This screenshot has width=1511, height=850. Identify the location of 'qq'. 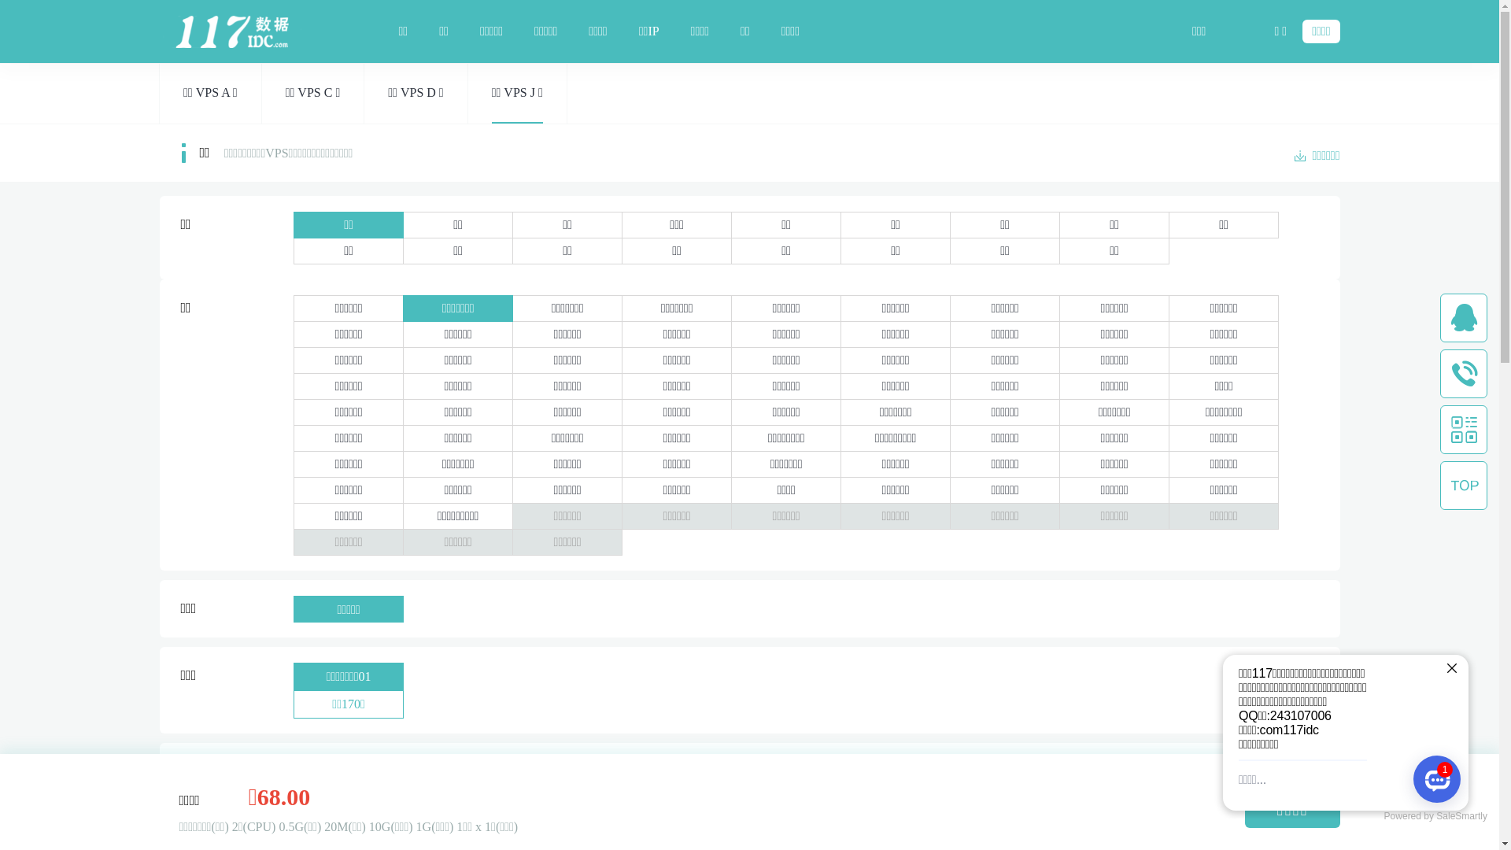
(1463, 318).